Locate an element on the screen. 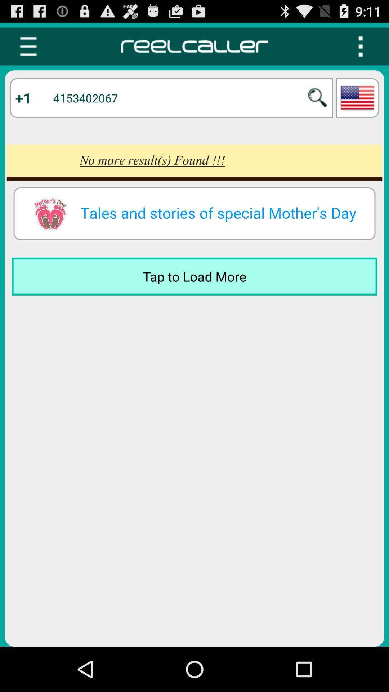 This screenshot has height=692, width=389. the more icon is located at coordinates (361, 49).